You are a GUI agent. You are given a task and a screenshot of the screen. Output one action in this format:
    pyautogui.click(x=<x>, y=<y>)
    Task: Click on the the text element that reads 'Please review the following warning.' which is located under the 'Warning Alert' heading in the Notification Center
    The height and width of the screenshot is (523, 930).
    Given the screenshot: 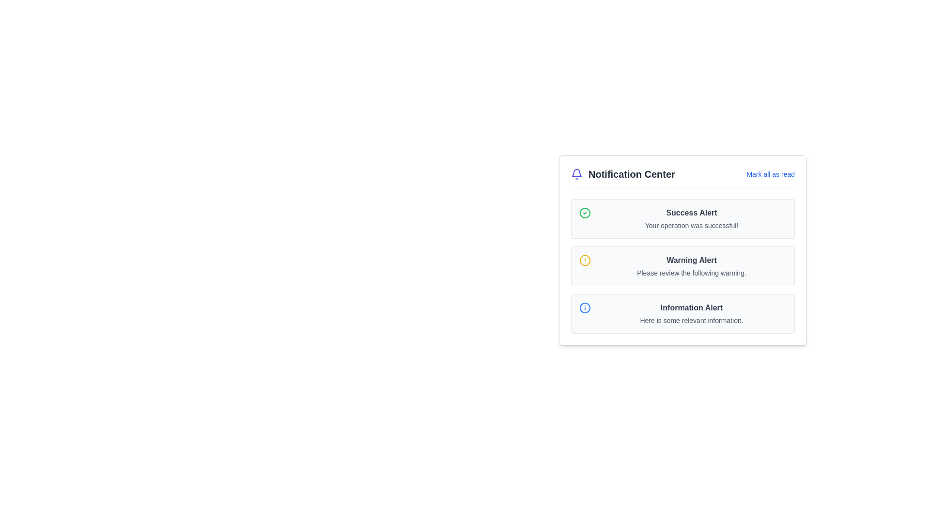 What is the action you would take?
    pyautogui.click(x=691, y=273)
    